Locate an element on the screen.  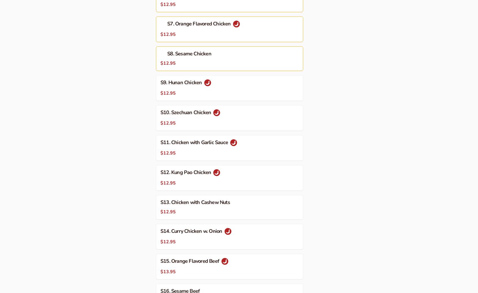
'S14.  Curry Chicken w. Onion' is located at coordinates (192, 231).